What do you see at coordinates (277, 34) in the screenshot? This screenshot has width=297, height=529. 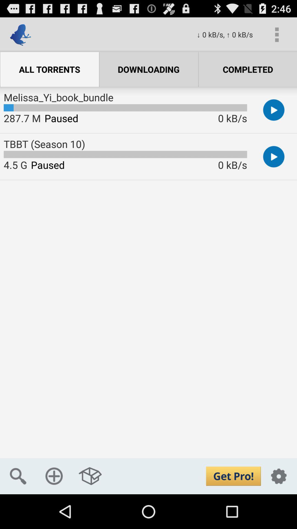 I see `icon next to 0 kb s icon` at bounding box center [277, 34].